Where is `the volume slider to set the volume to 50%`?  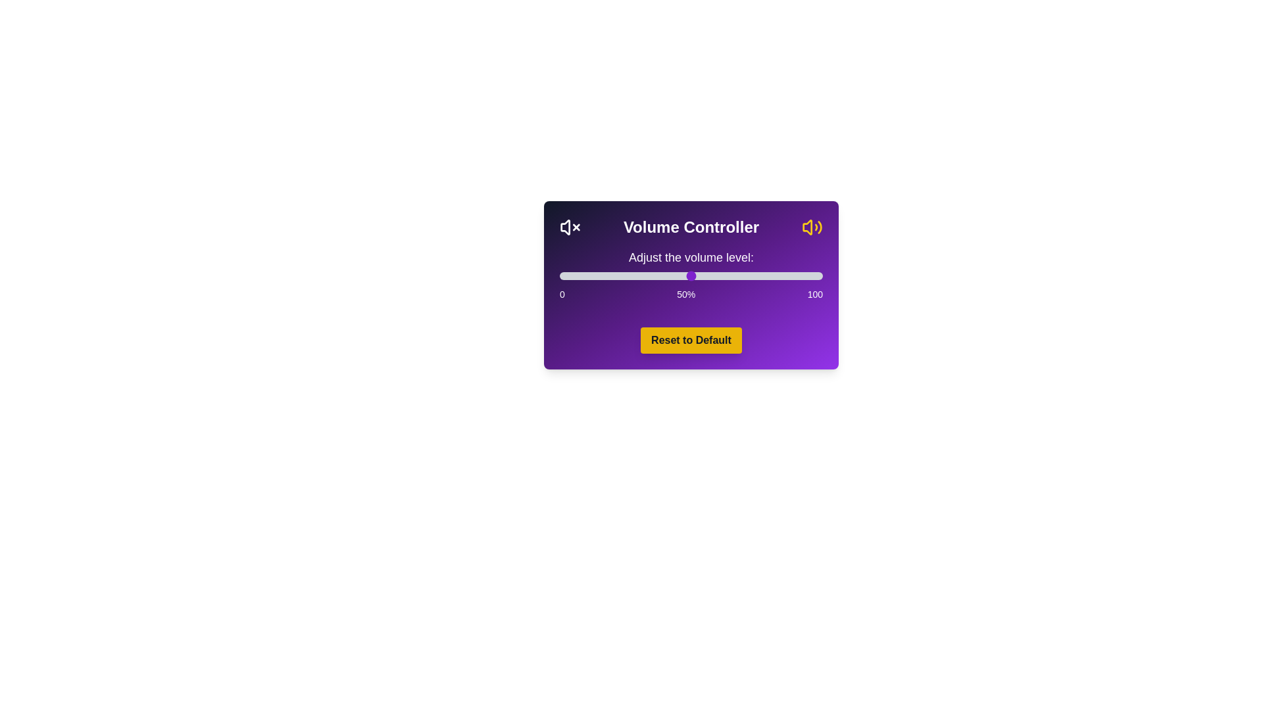 the volume slider to set the volume to 50% is located at coordinates (691, 275).